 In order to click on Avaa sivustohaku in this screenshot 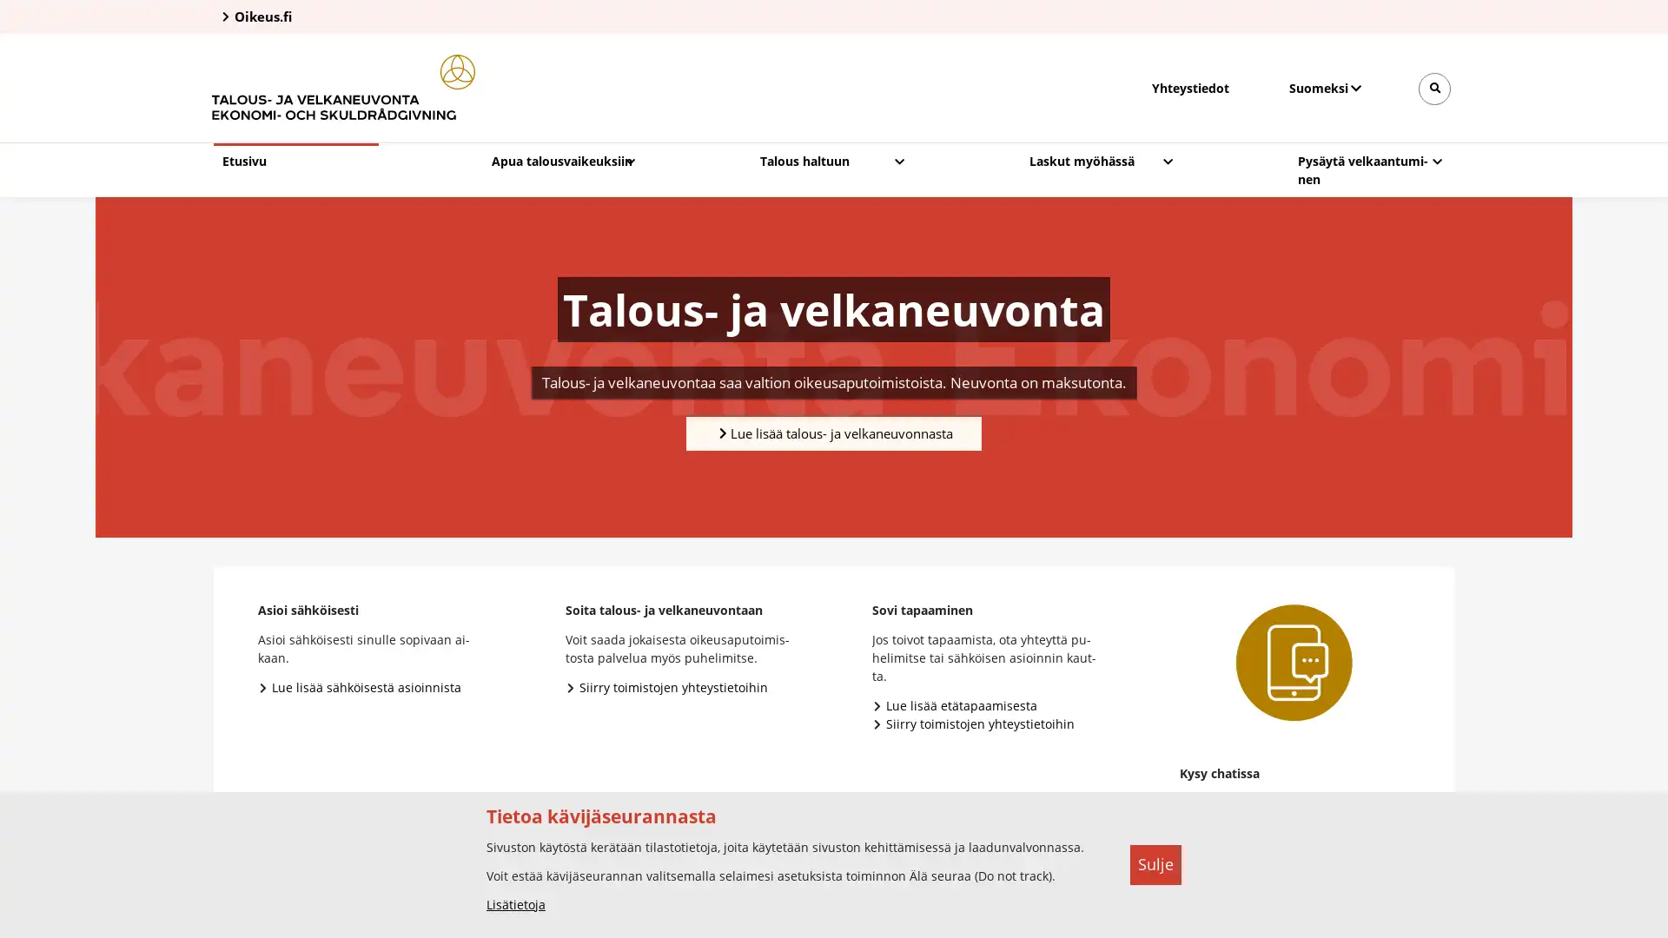, I will do `click(1434, 89)`.